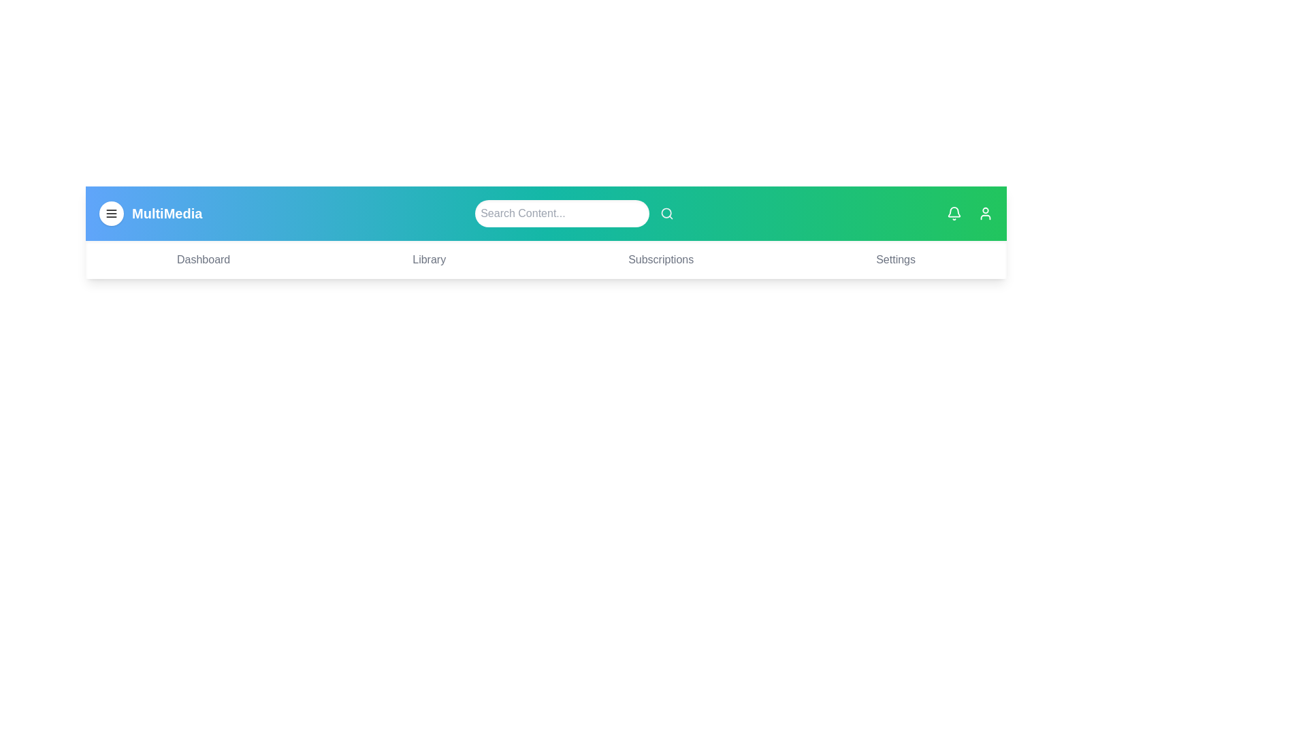 The width and height of the screenshot is (1307, 735). What do you see at coordinates (661, 259) in the screenshot?
I see `the Subscriptions navigation menu item` at bounding box center [661, 259].